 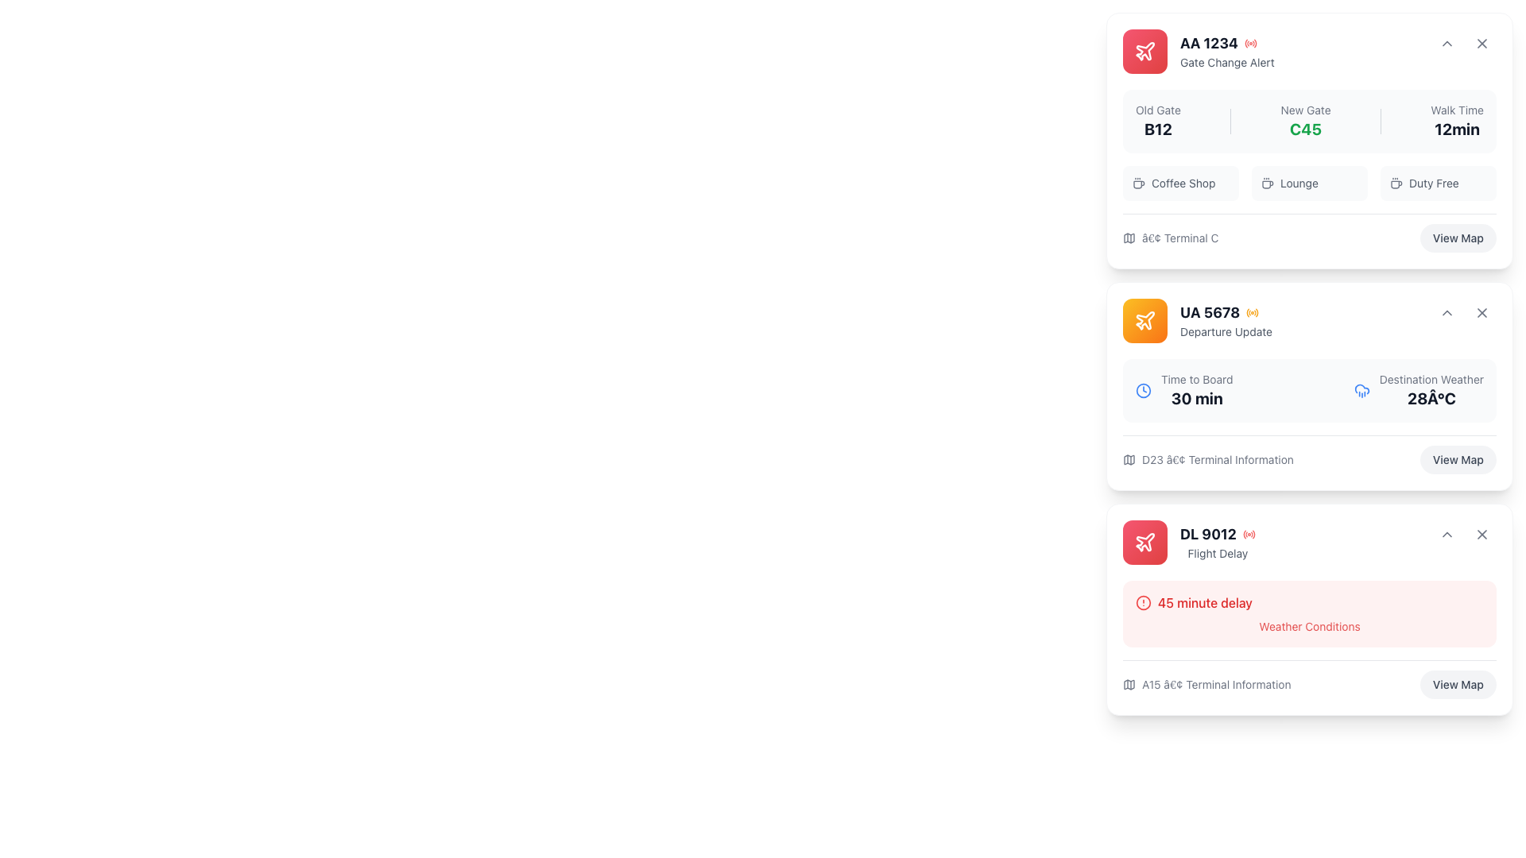 I want to click on text '12min' located in the information card under the label 'Walk Time' for flight AA 1234, which is styled in bold and dark color, so click(x=1457, y=128).